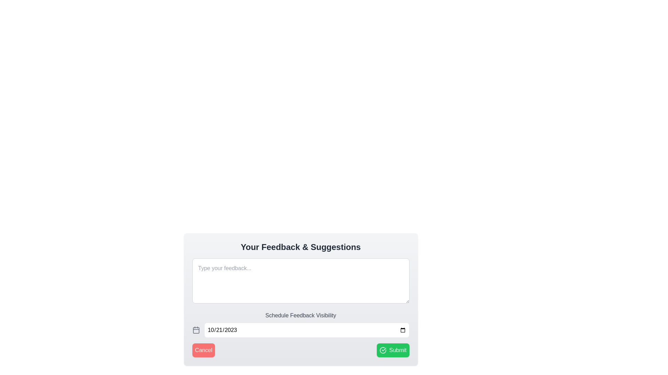  Describe the element at coordinates (393, 350) in the screenshot. I see `the 'Submit' button, which is a green rectangular button with rounded edges containing a white check icon and the text 'Submit' in white, located at the bottom-right corner of the interface` at that location.